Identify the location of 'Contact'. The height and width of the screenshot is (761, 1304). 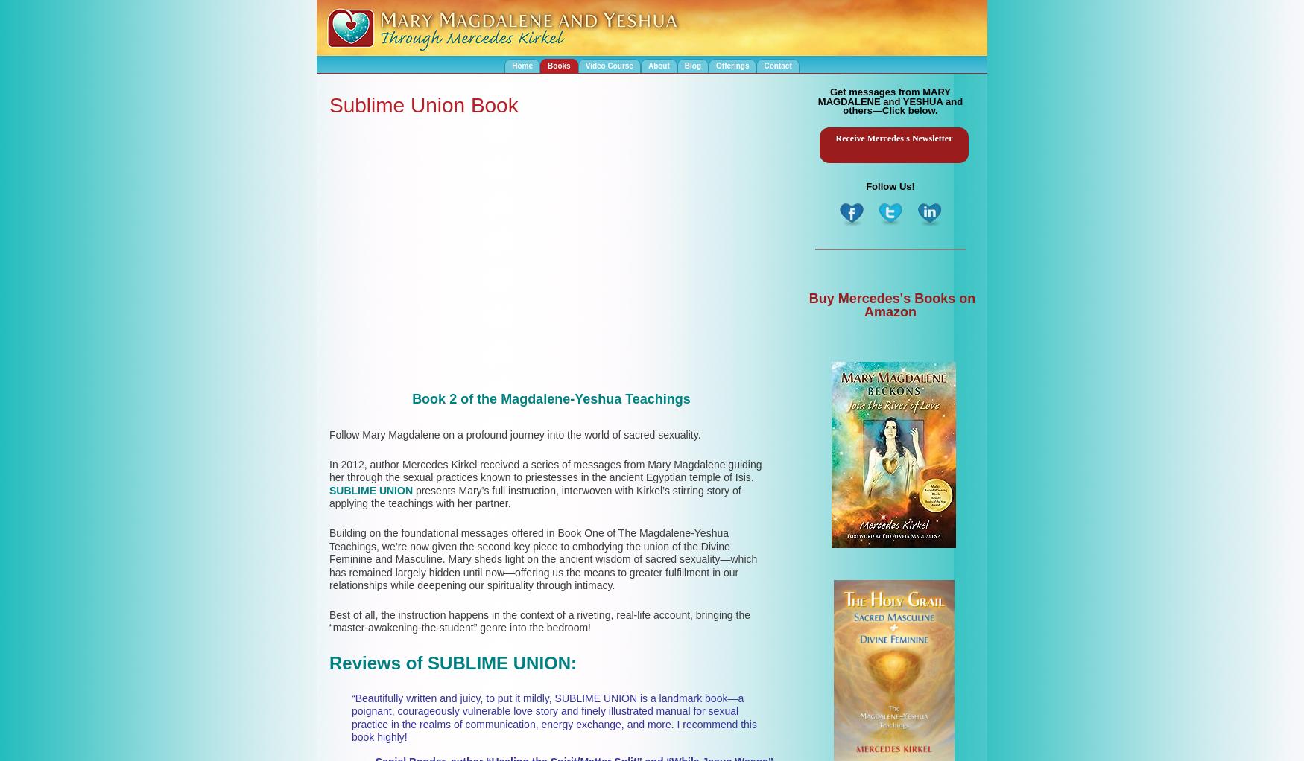
(776, 65).